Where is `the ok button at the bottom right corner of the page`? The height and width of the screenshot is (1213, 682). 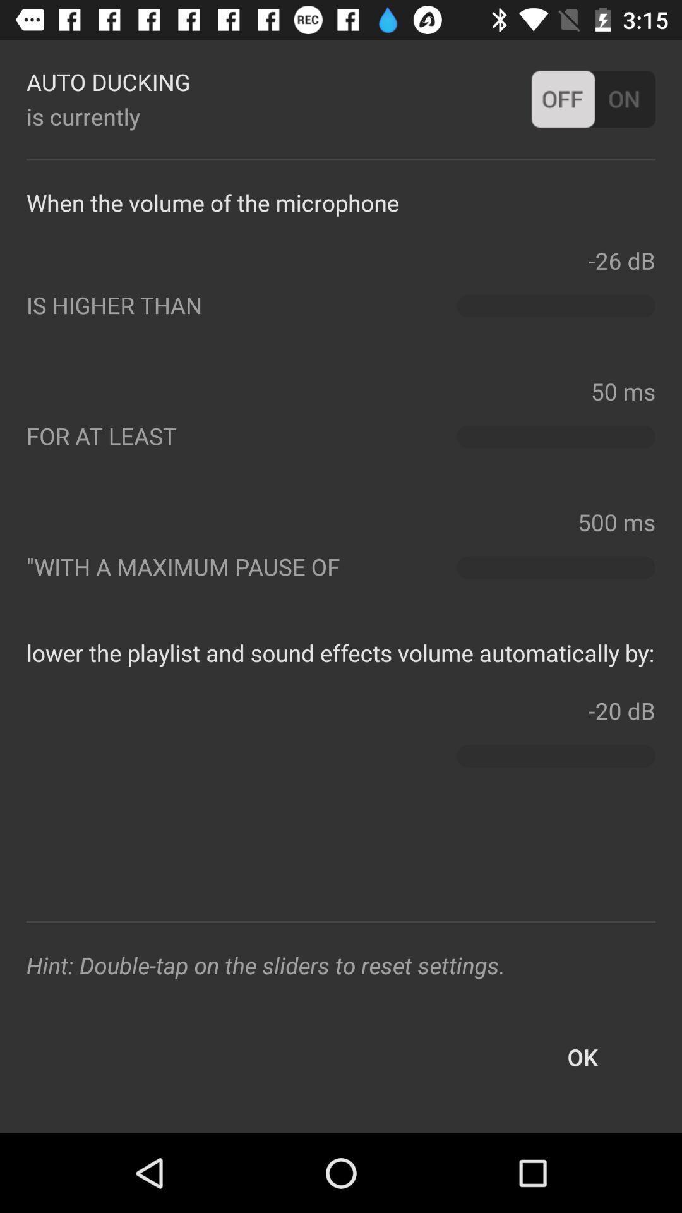
the ok button at the bottom right corner of the page is located at coordinates (582, 1057).